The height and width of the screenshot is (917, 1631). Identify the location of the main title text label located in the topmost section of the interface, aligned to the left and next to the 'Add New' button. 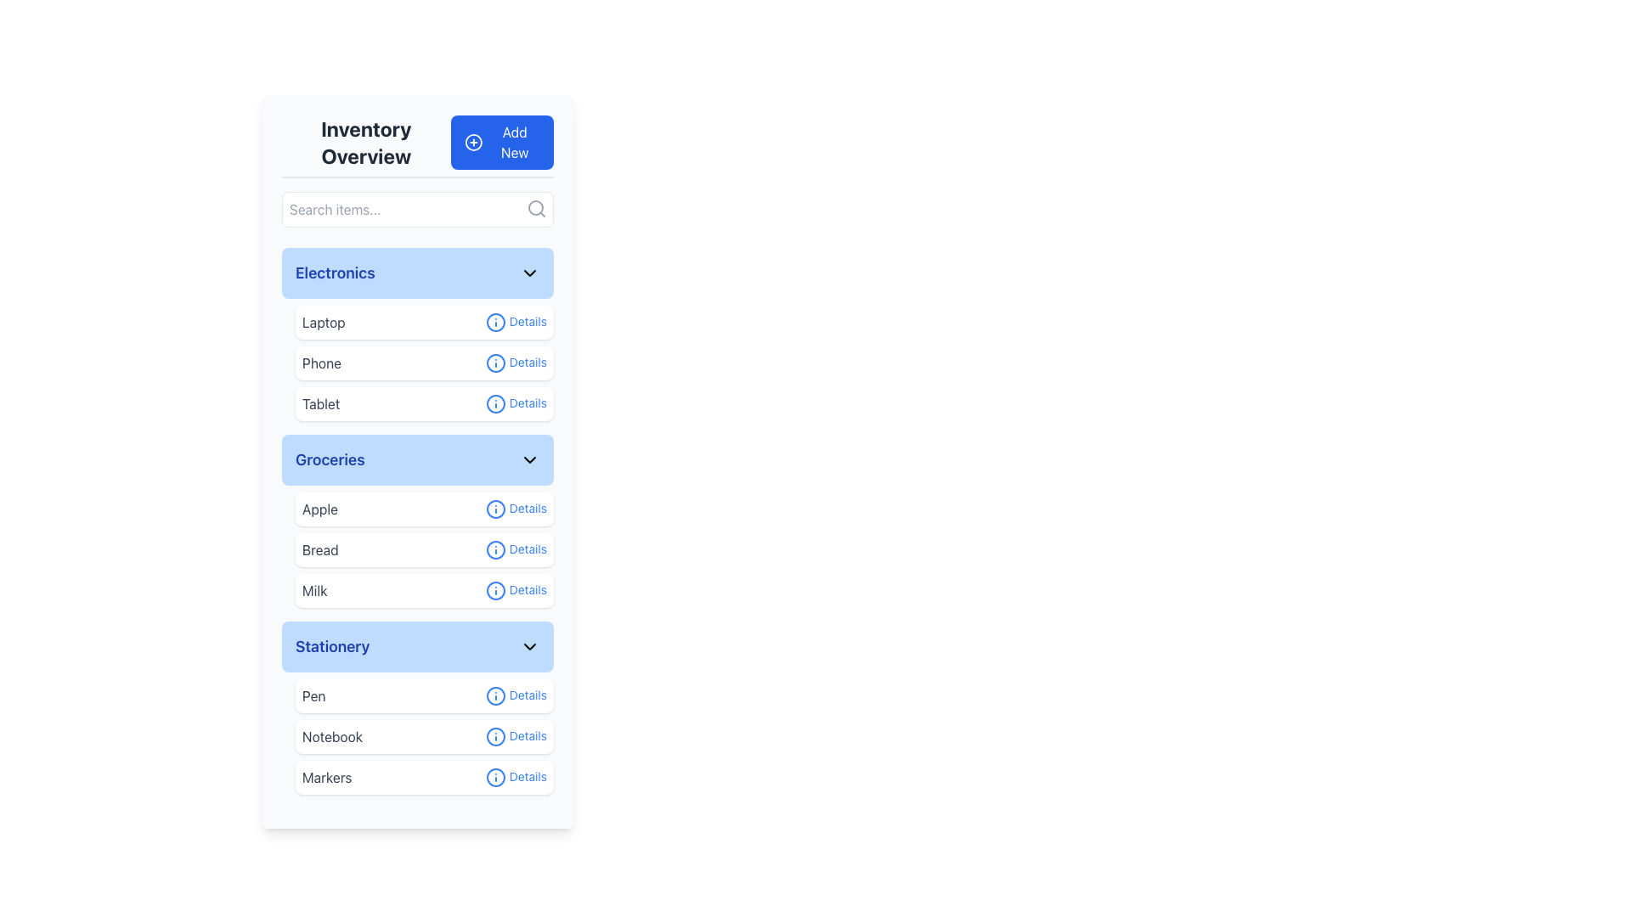
(365, 142).